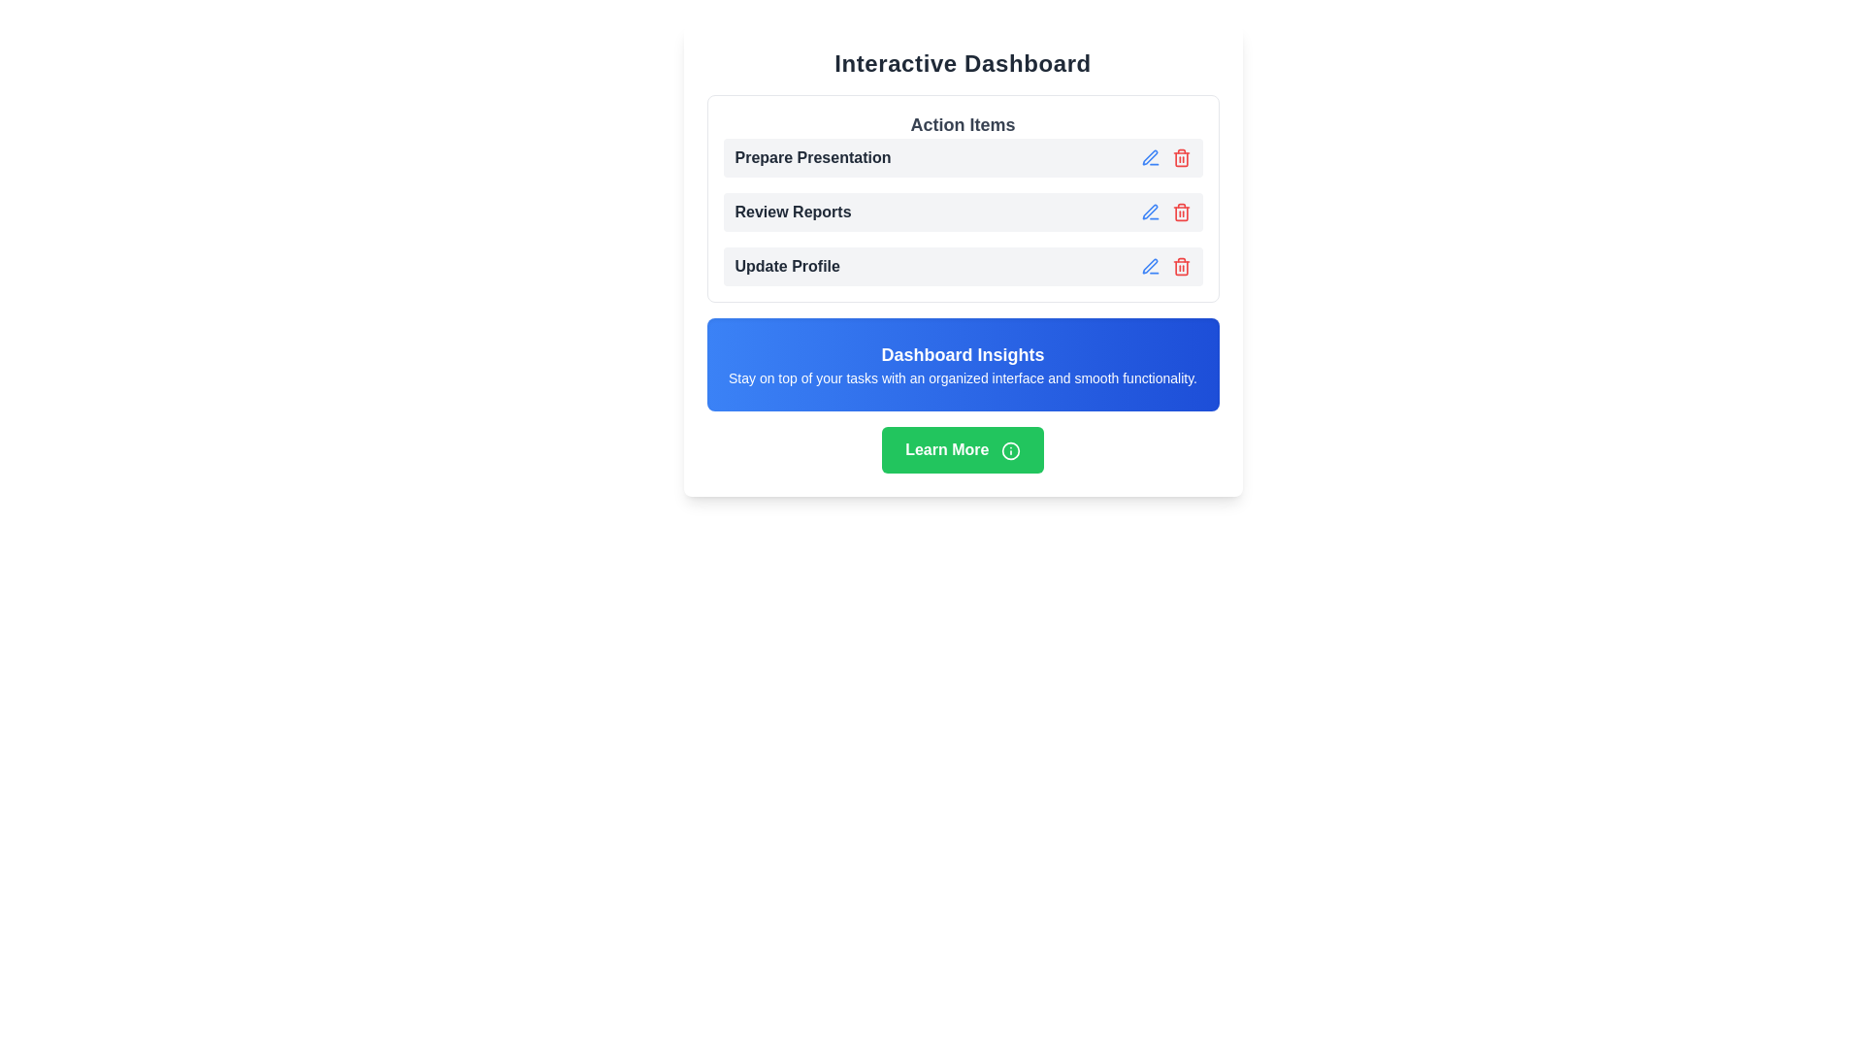 The width and height of the screenshot is (1863, 1048). Describe the element at coordinates (1164, 266) in the screenshot. I see `the pencil icon in the far-right group of interactive icons in the 'Update Profile' row of the 'Action Items' card` at that location.